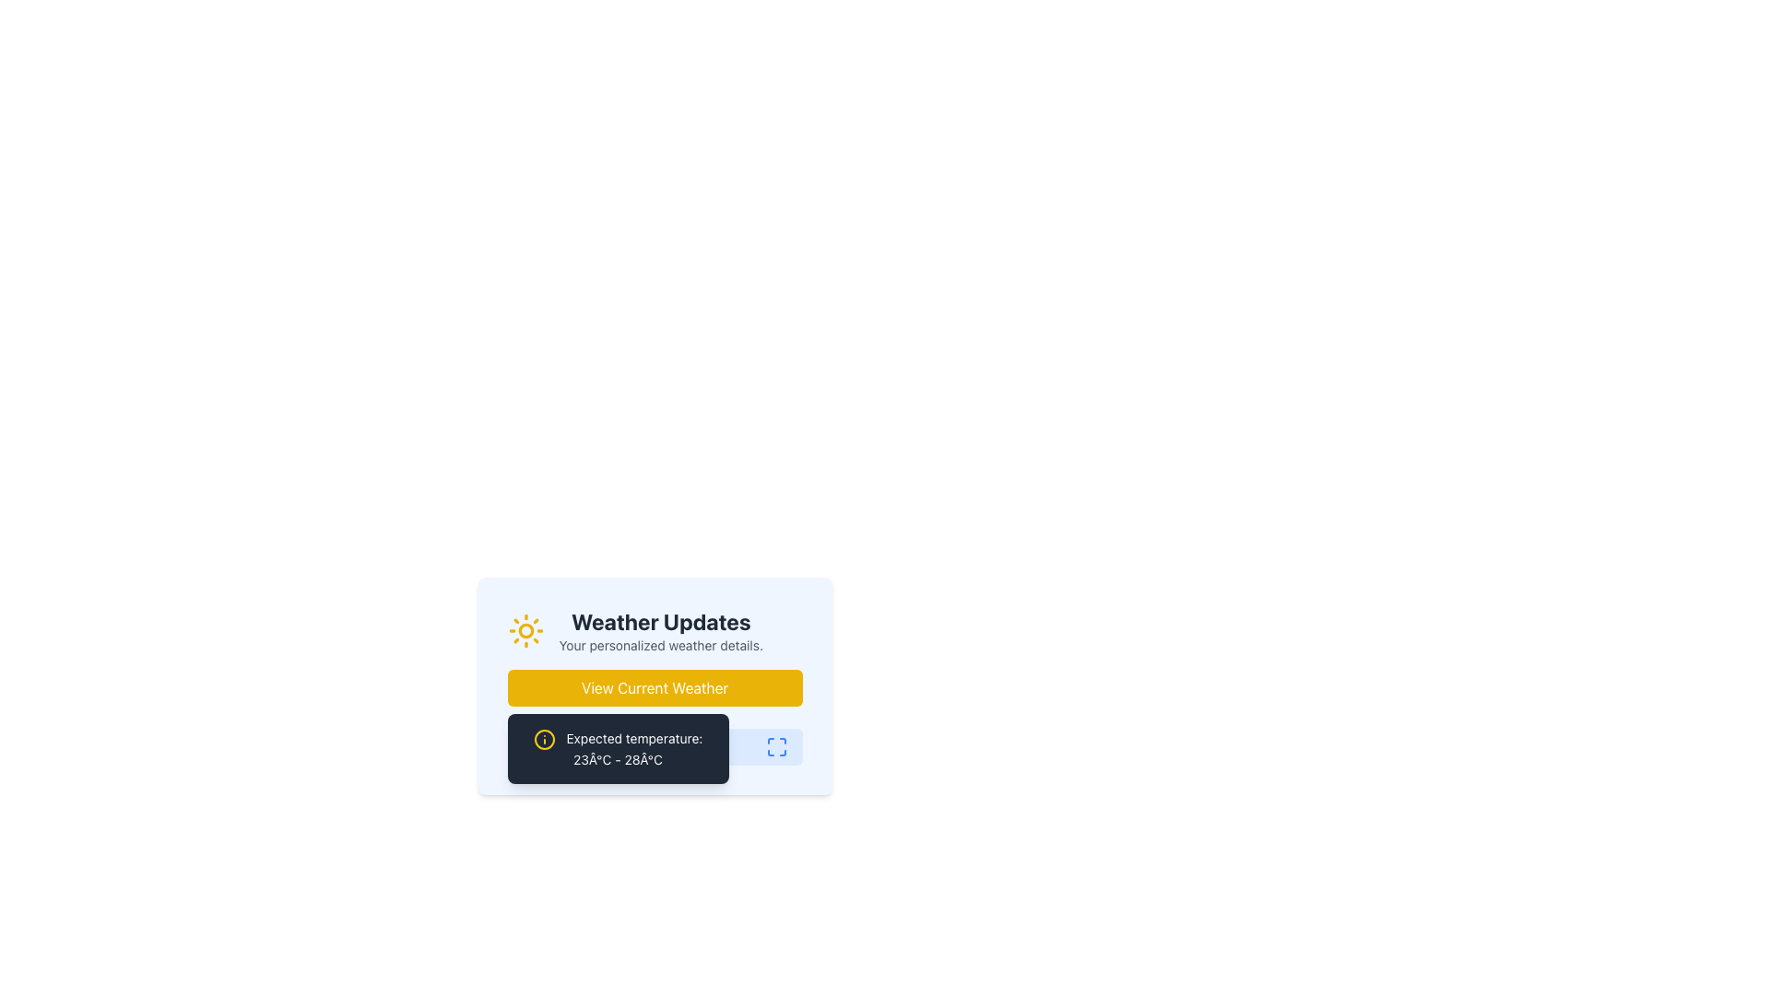 This screenshot has width=1770, height=995. I want to click on the Text label within the graphical tooltip that provides expected temperature range details, located below the 'View Current Weather' button and adjacent to the yellow circular 'i' information icon, so click(618, 749).